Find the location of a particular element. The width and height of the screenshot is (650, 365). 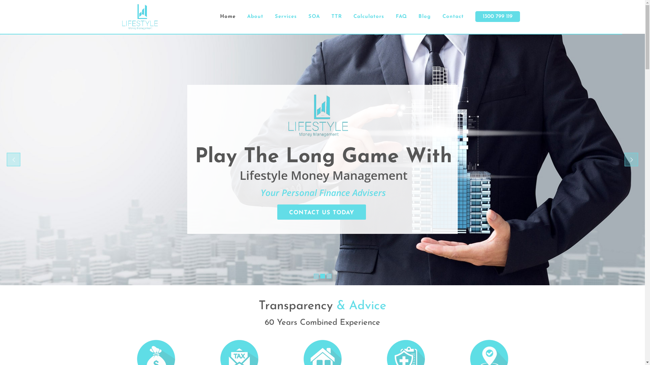

'1300 799 119' is located at coordinates (497, 16).